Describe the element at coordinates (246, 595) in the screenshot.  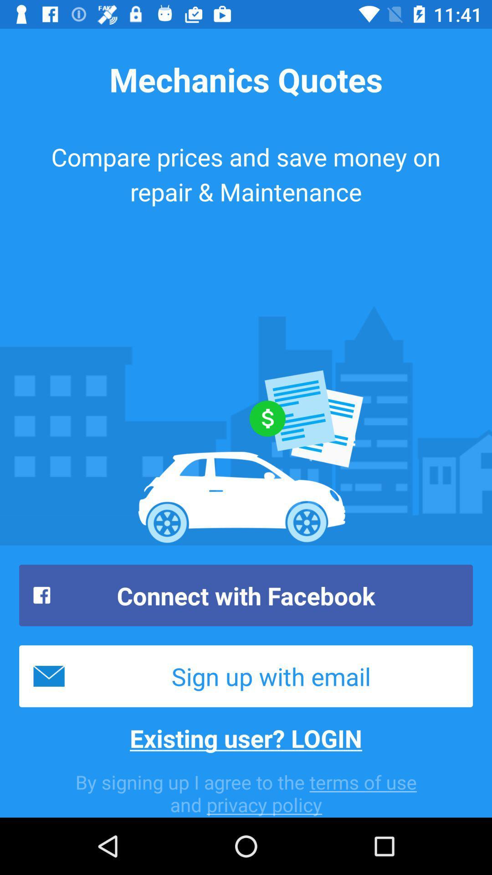
I see `icon above the sign up with icon` at that location.